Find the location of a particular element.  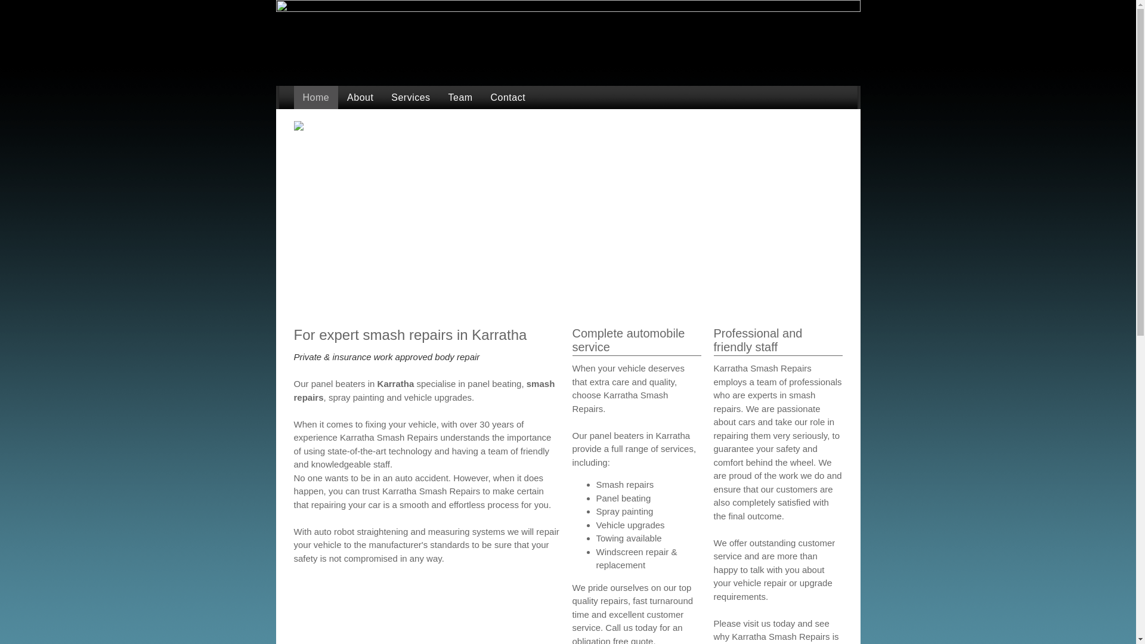

'About' is located at coordinates (360, 97).